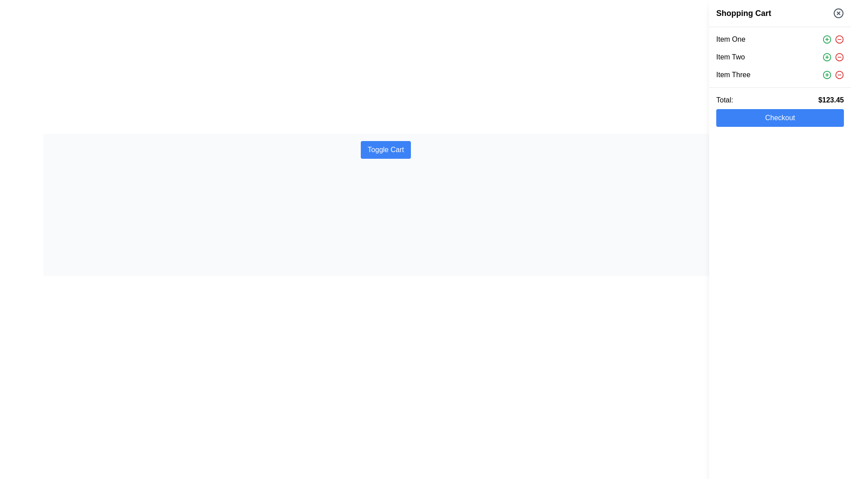  What do you see at coordinates (833, 39) in the screenshot?
I see `the horizontal group of interactive buttons for adjusting the quantity of 'Item One' in the shopping cart` at bounding box center [833, 39].